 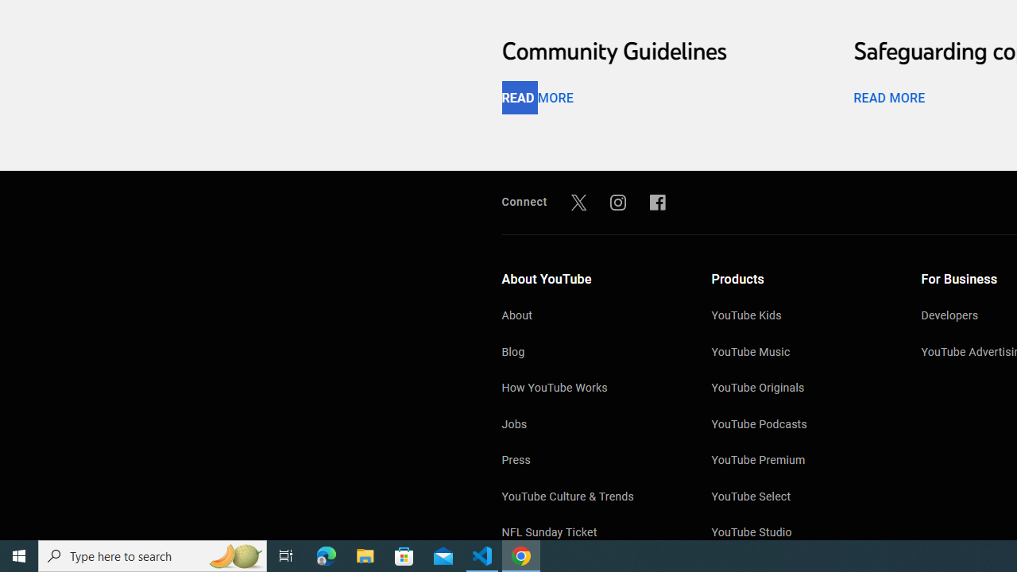 I want to click on 'YouTube Culture & Trends', so click(x=590, y=497).